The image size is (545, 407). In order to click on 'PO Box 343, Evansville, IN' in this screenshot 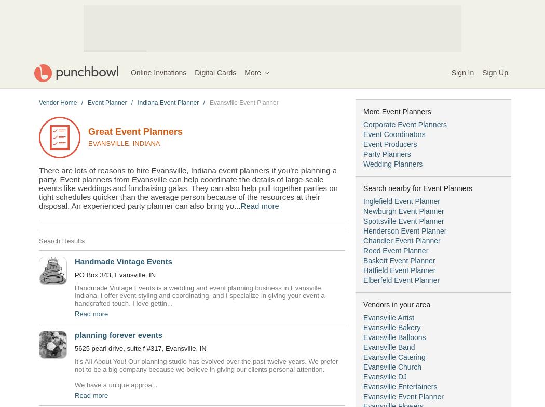, I will do `click(114, 275)`.